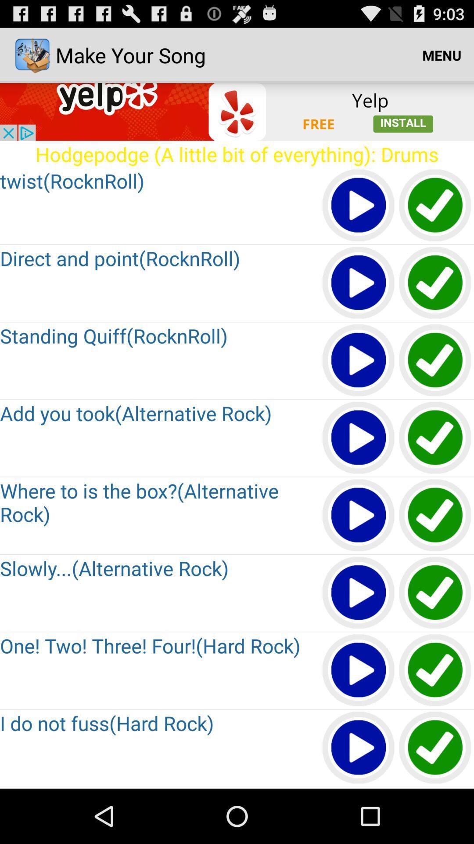 The height and width of the screenshot is (844, 474). Describe the element at coordinates (359, 205) in the screenshot. I see `audio file` at that location.